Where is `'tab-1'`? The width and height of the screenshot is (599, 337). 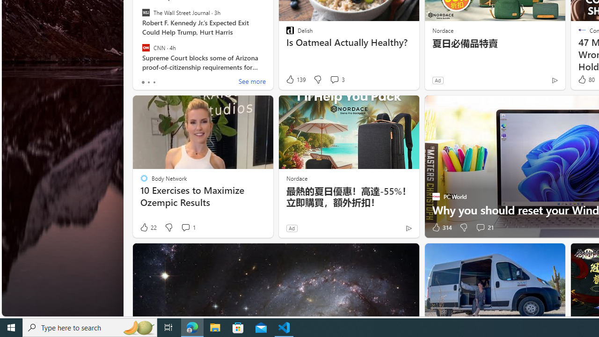 'tab-1' is located at coordinates (148, 82).